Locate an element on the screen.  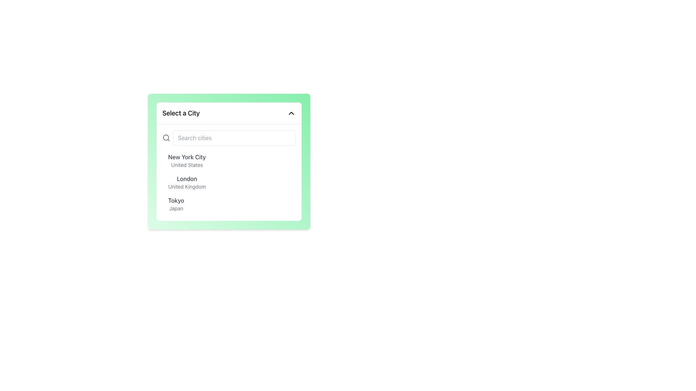
the List Item element displaying 'London' is located at coordinates (229, 182).